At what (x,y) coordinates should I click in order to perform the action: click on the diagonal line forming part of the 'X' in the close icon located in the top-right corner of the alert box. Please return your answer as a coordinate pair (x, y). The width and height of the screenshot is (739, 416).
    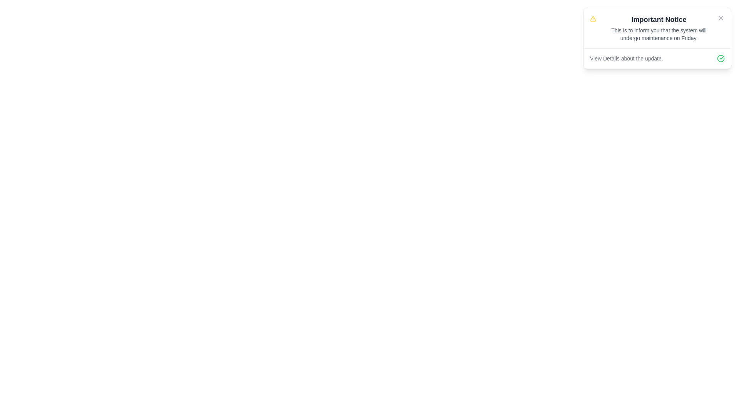
    Looking at the image, I should click on (720, 17).